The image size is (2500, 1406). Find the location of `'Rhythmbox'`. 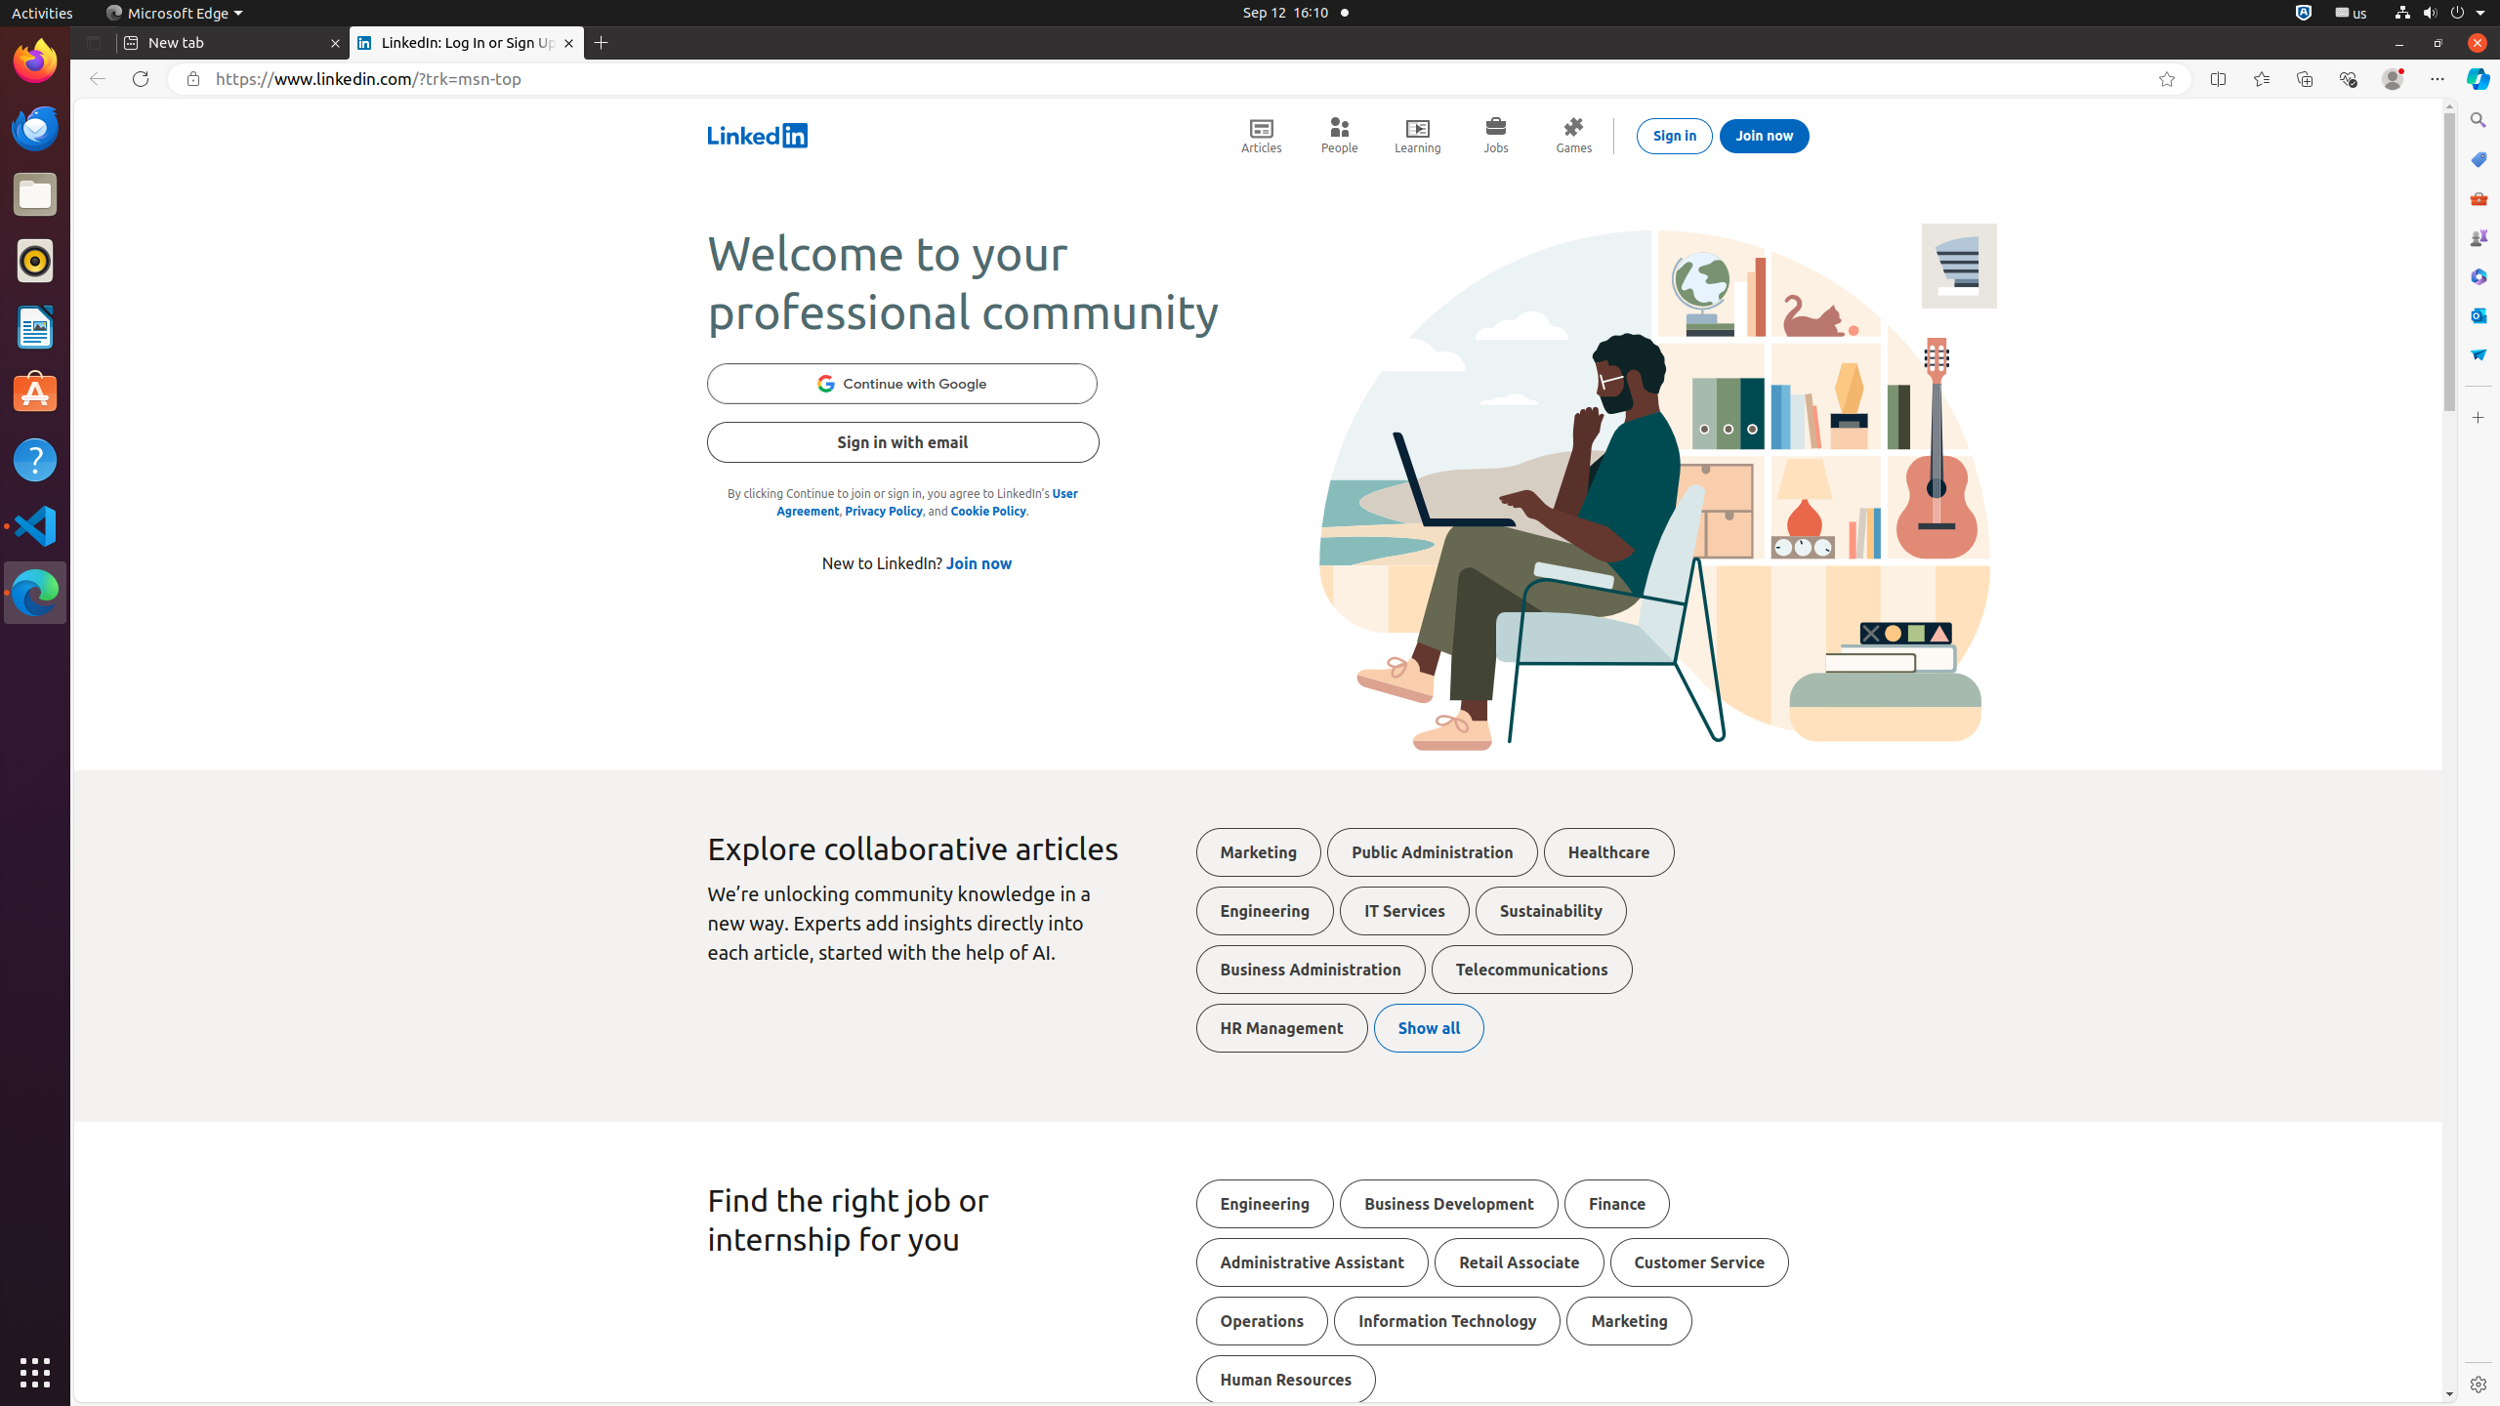

'Rhythmbox' is located at coordinates (35, 259).